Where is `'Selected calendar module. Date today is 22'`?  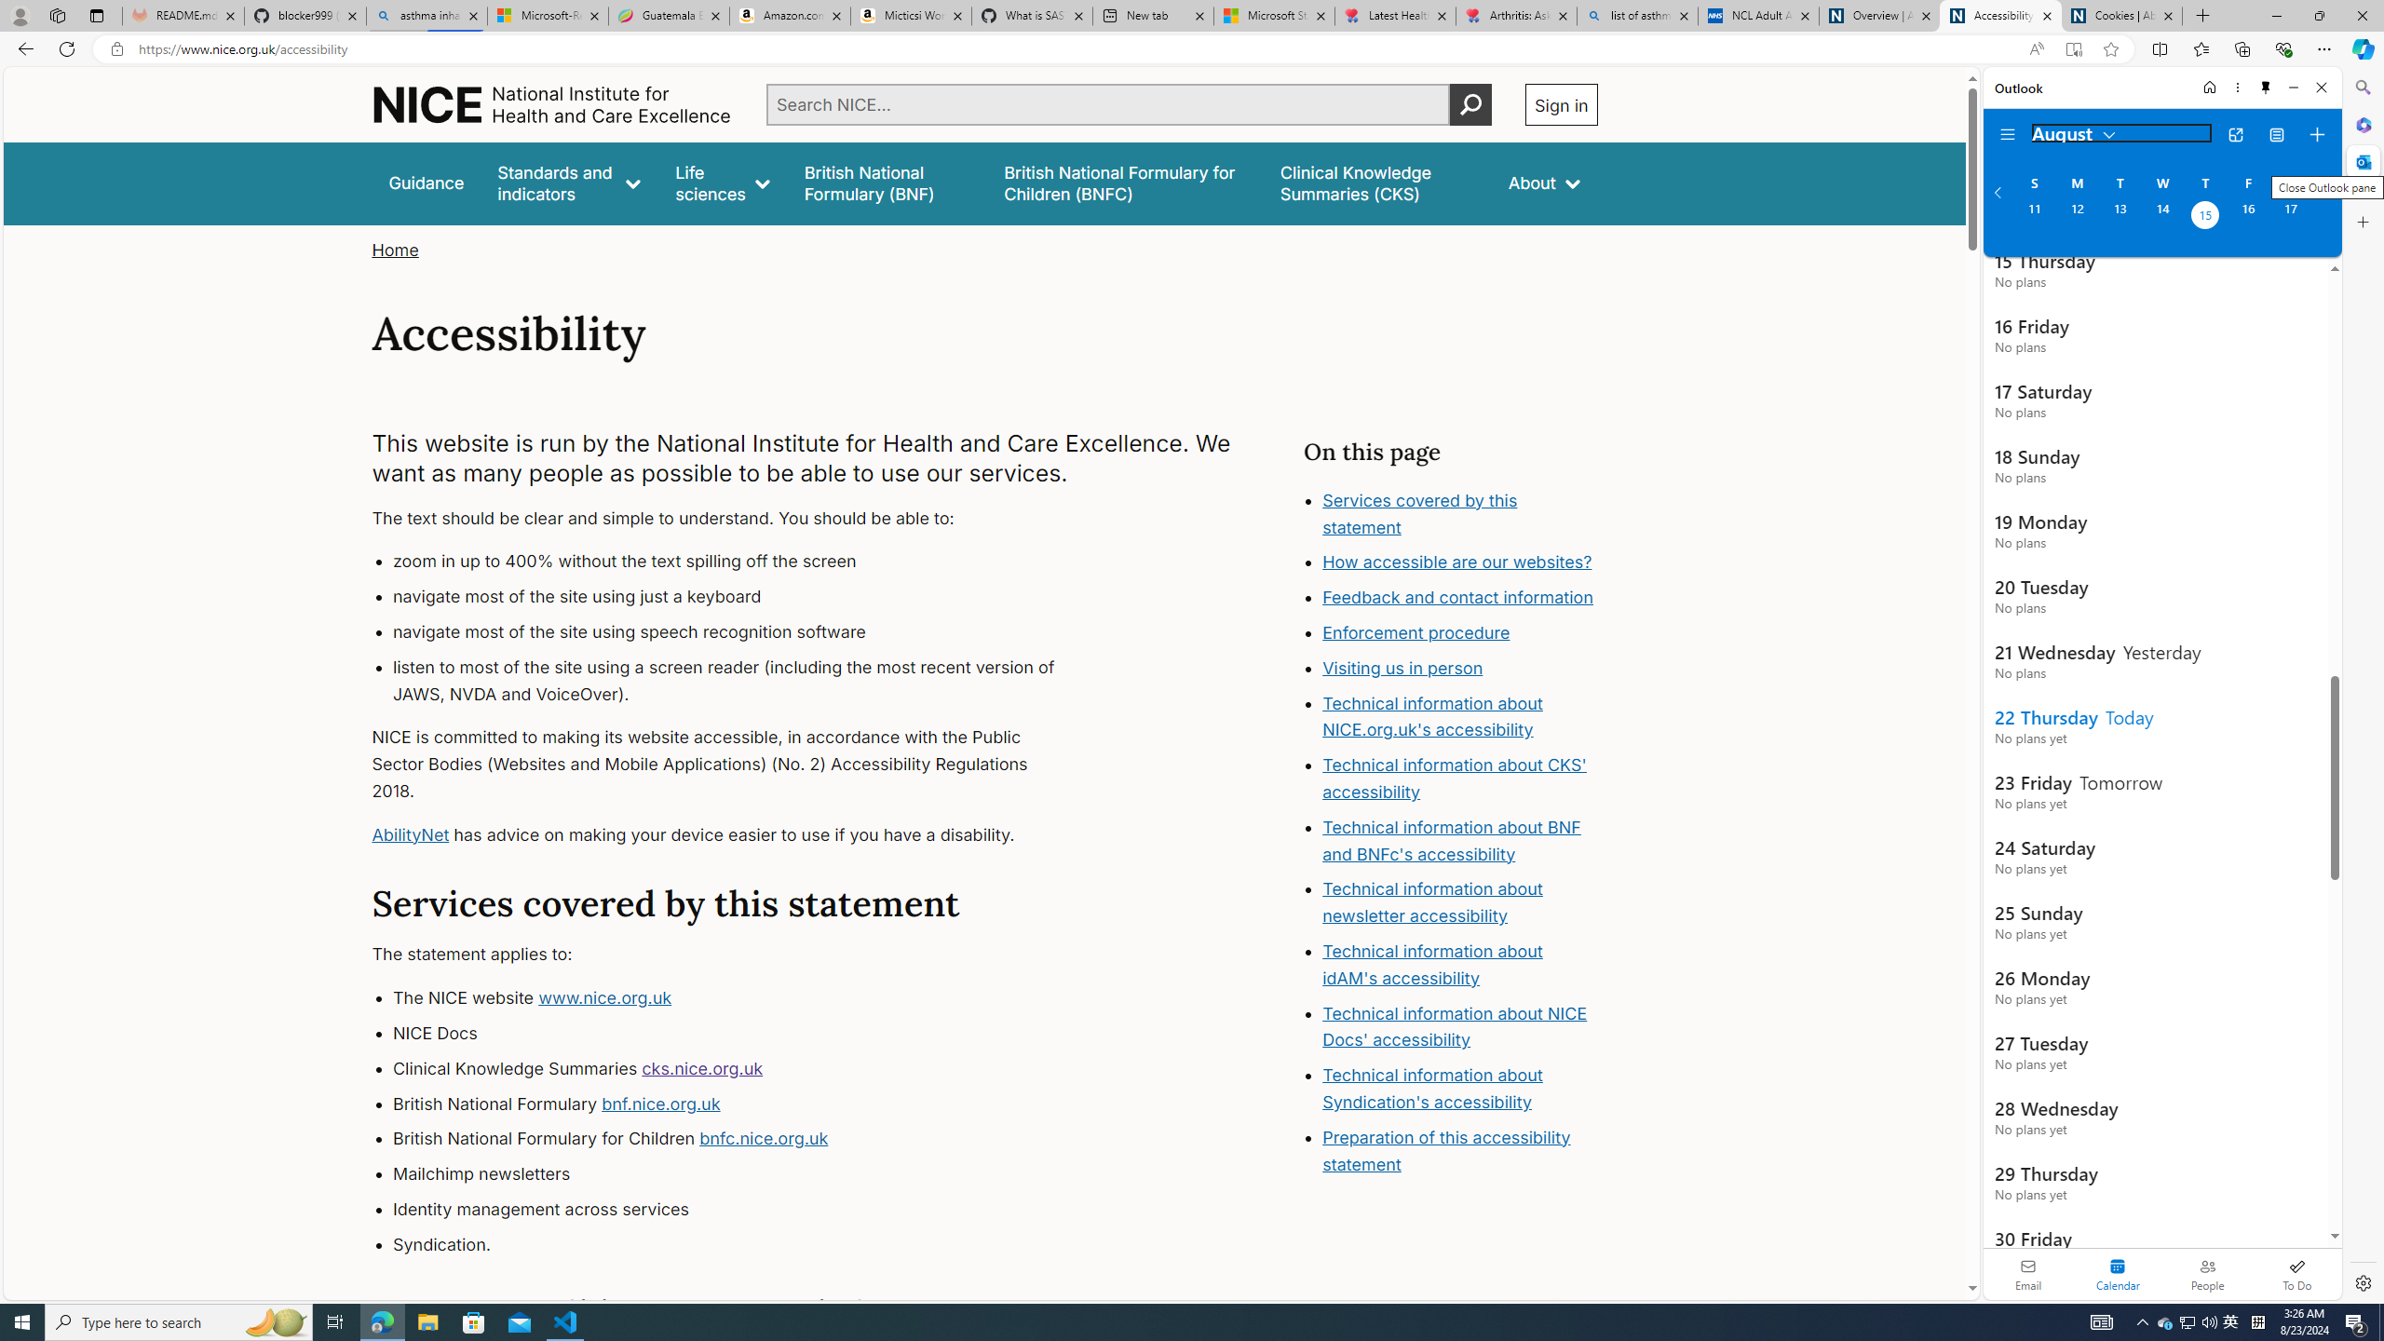
'Selected calendar module. Date today is 22' is located at coordinates (2118, 1273).